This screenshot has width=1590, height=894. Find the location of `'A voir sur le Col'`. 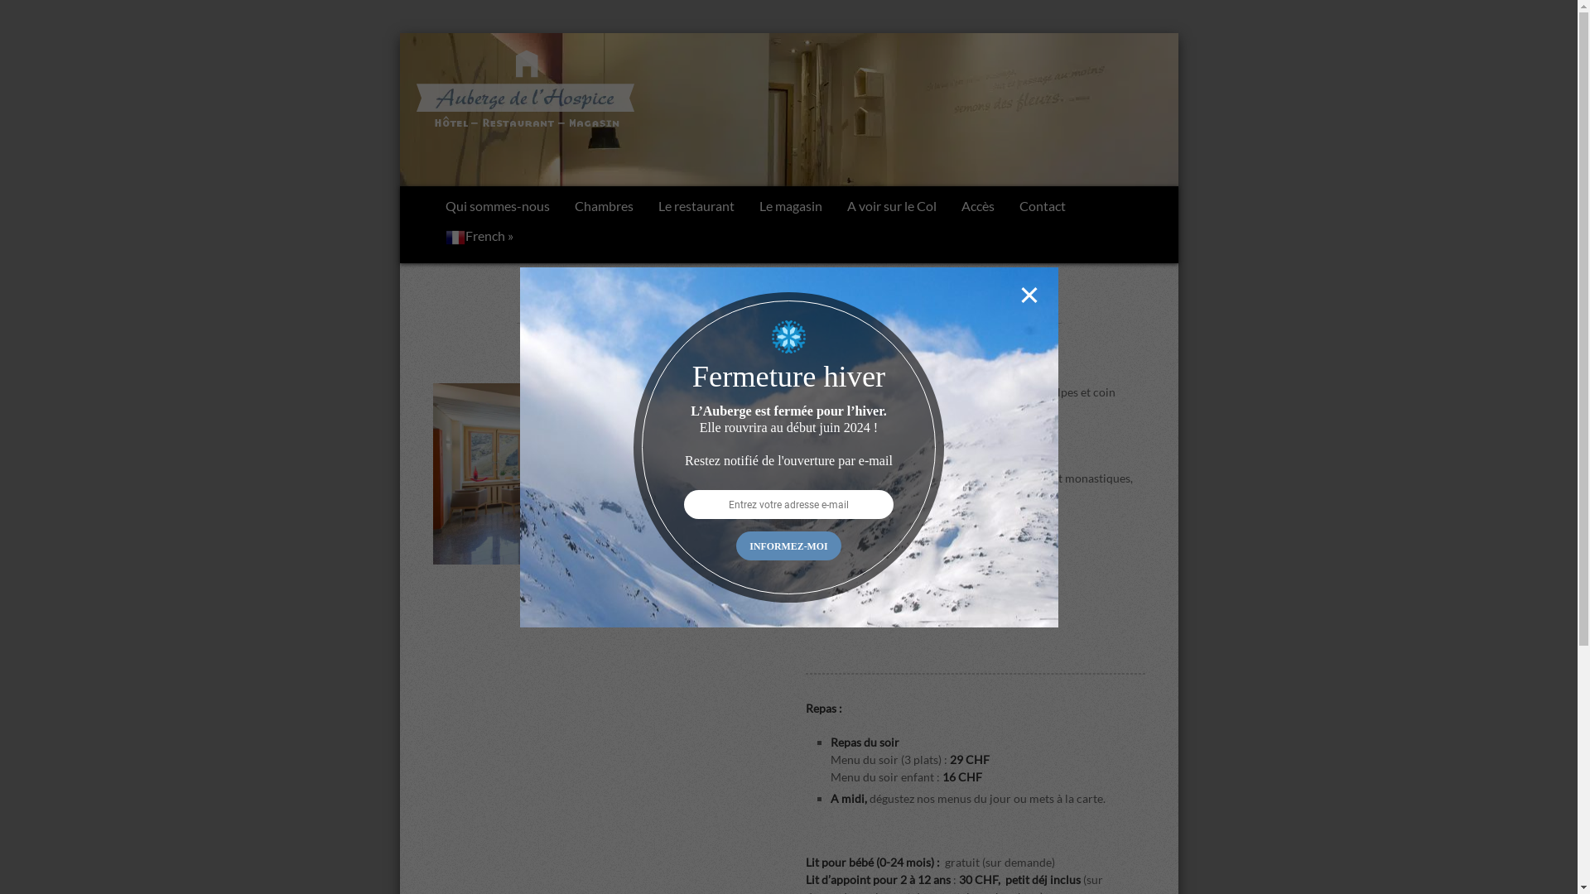

'A voir sur le Col' is located at coordinates (890, 206).